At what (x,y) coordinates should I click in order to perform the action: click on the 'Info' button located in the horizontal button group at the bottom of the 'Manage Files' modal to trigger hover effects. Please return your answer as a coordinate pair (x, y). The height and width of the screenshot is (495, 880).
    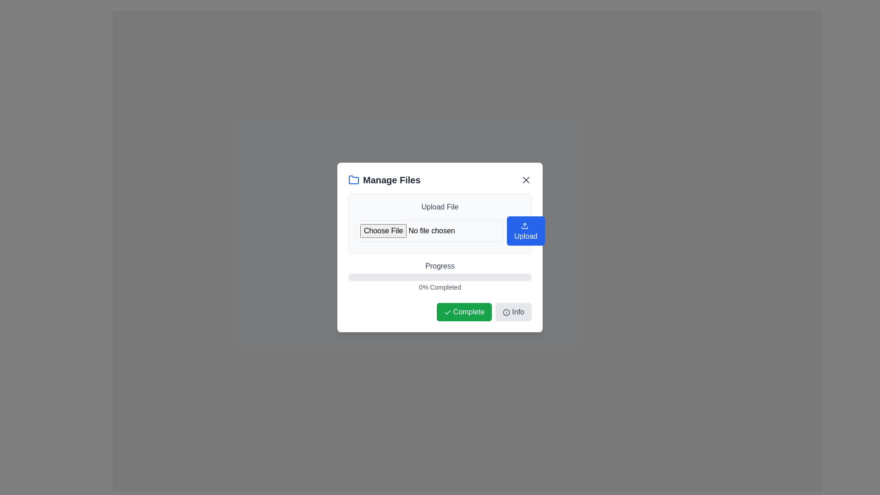
    Looking at the image, I should click on (513, 312).